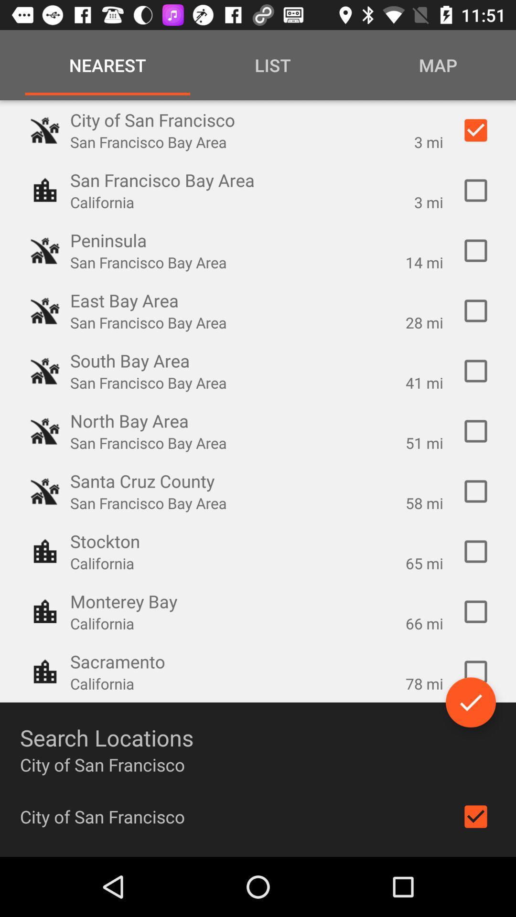 Image resolution: width=516 pixels, height=917 pixels. What do you see at coordinates (475, 371) in the screenshot?
I see `tick location to search` at bounding box center [475, 371].